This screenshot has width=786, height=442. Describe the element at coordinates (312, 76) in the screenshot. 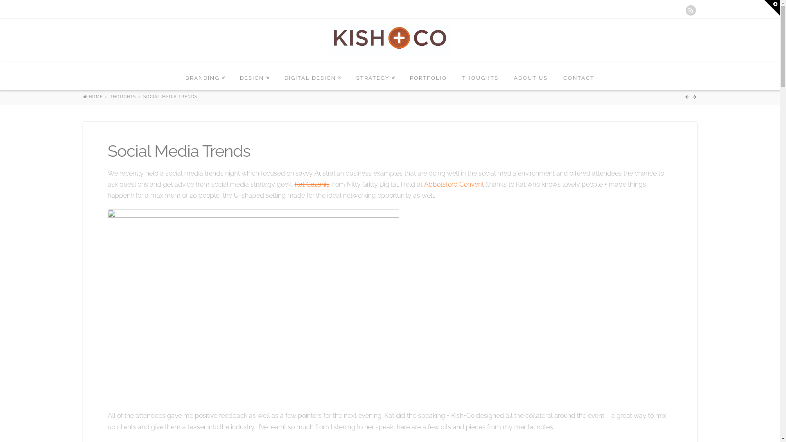

I see `'DIGITAL DESIGN'` at that location.